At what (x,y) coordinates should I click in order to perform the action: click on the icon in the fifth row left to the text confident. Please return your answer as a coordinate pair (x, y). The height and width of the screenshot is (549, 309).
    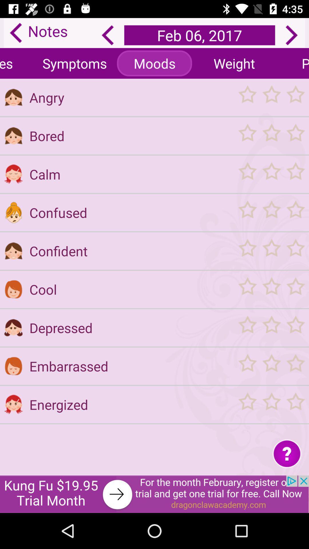
    Looking at the image, I should click on (13, 251).